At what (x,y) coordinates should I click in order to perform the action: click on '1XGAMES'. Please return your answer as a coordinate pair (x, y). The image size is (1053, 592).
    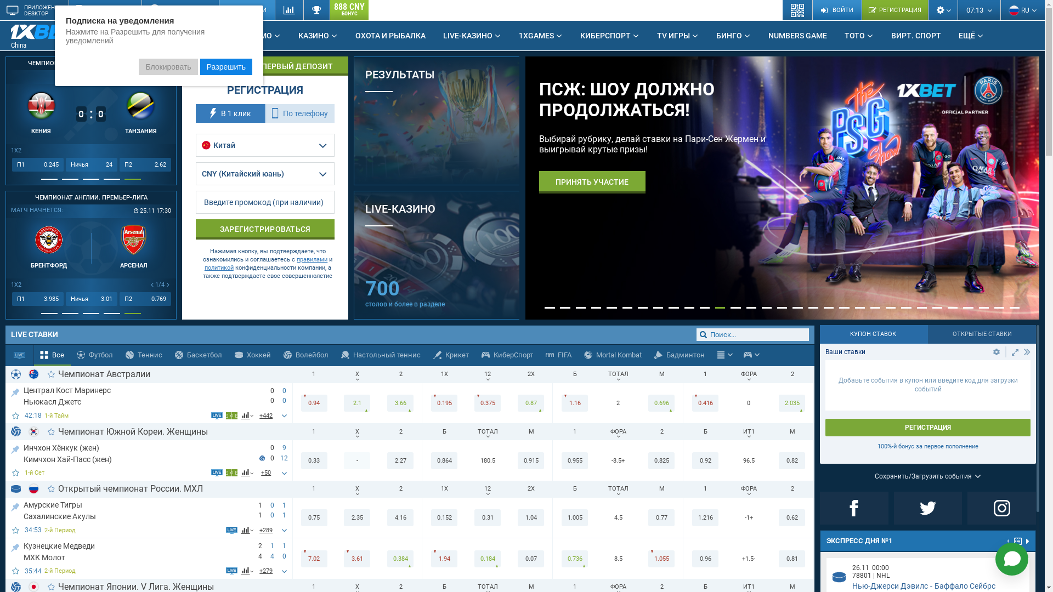
    Looking at the image, I should click on (540, 35).